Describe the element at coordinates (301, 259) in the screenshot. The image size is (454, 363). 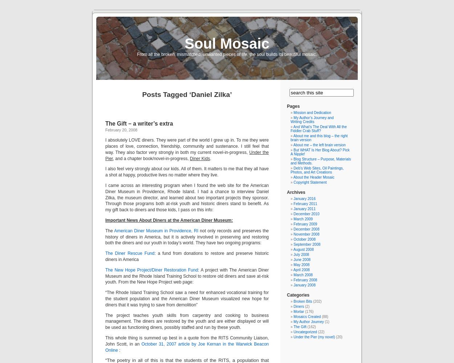
I see `'June 2008'` at that location.